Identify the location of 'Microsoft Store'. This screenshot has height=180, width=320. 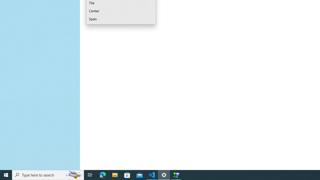
(127, 174).